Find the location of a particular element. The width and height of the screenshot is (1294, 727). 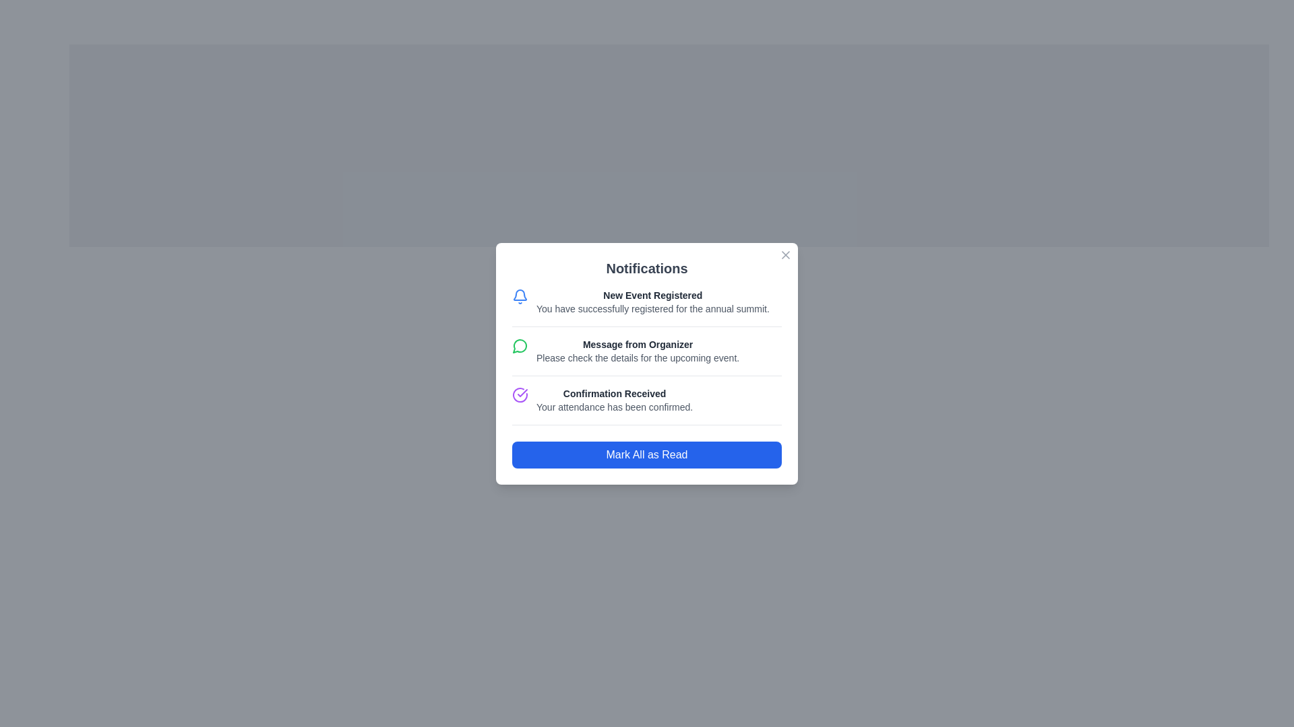

the Notification item that contains the message 'Message from Organizer' for additional interactions is located at coordinates (647, 355).